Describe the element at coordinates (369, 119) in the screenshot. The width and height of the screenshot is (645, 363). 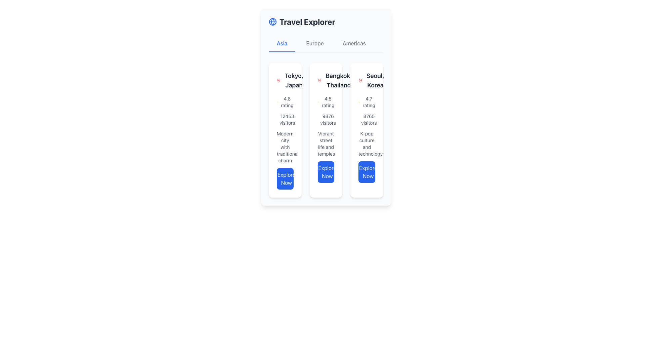
I see `the displayed text information '8765 visitors' located in the rightmost column under the 'Asia' tab in the 'Travel Explorer' section` at that location.